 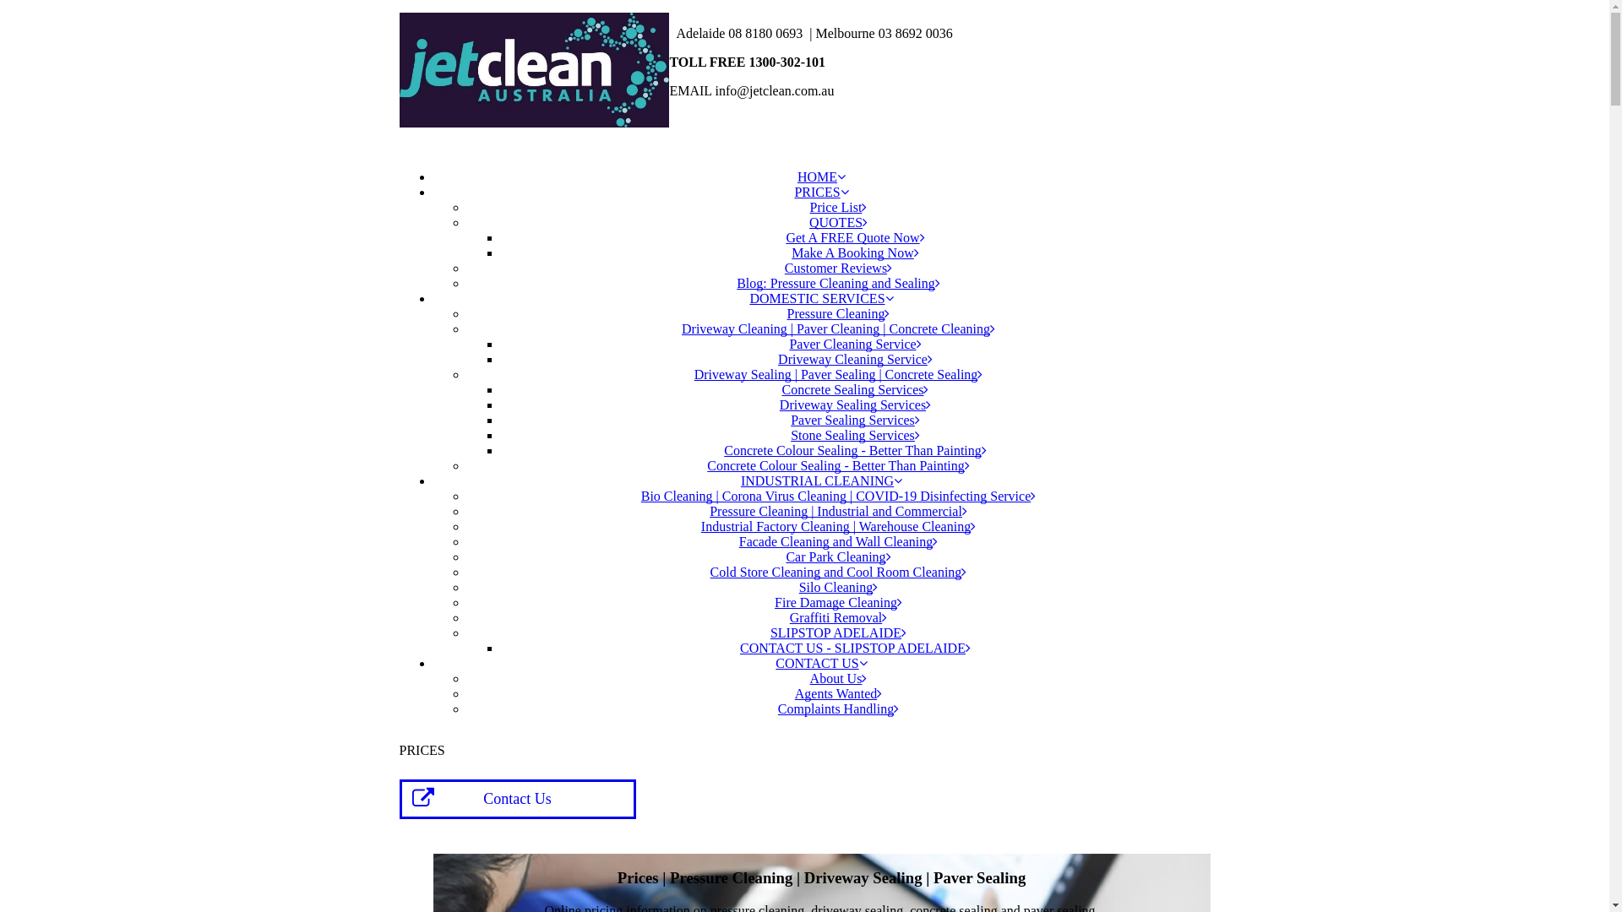 What do you see at coordinates (777, 708) in the screenshot?
I see `'Complaints Handling'` at bounding box center [777, 708].